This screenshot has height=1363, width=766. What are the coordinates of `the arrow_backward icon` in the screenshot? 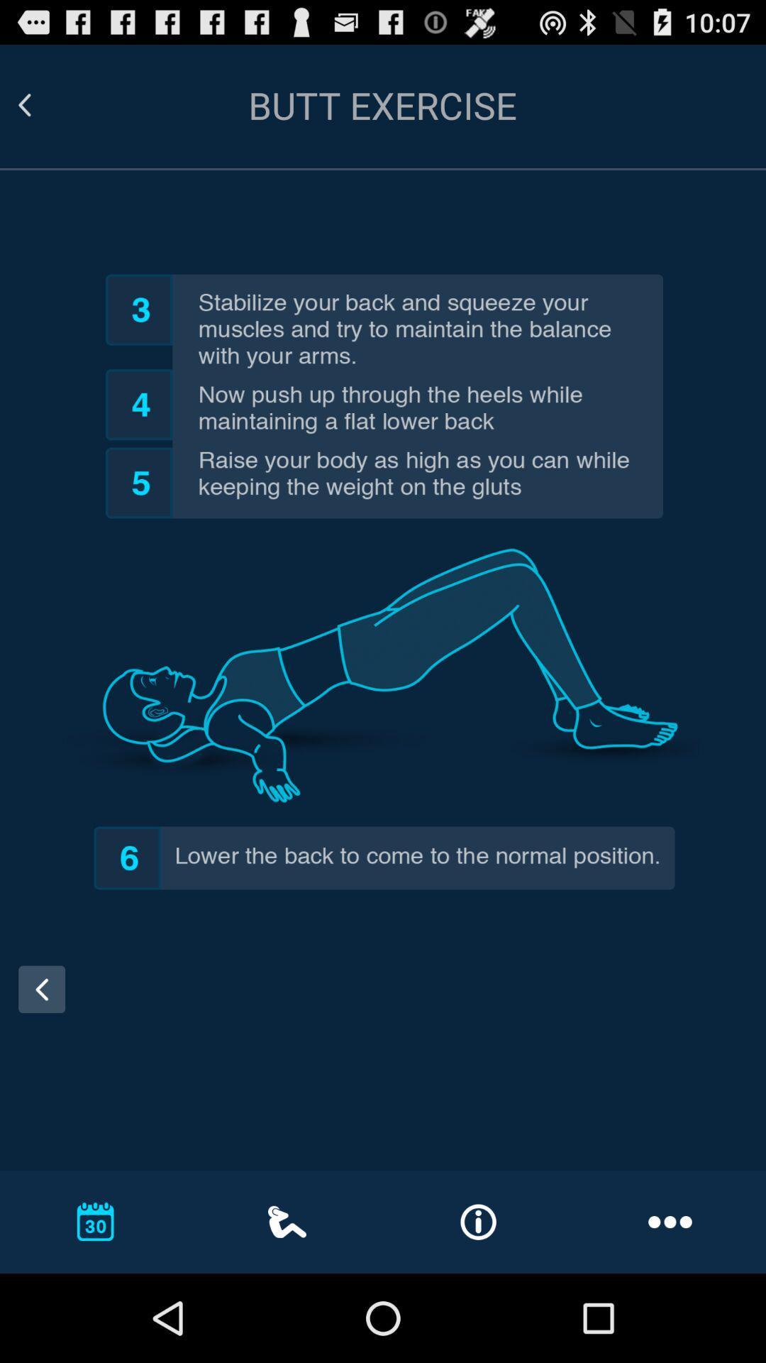 It's located at (36, 1073).